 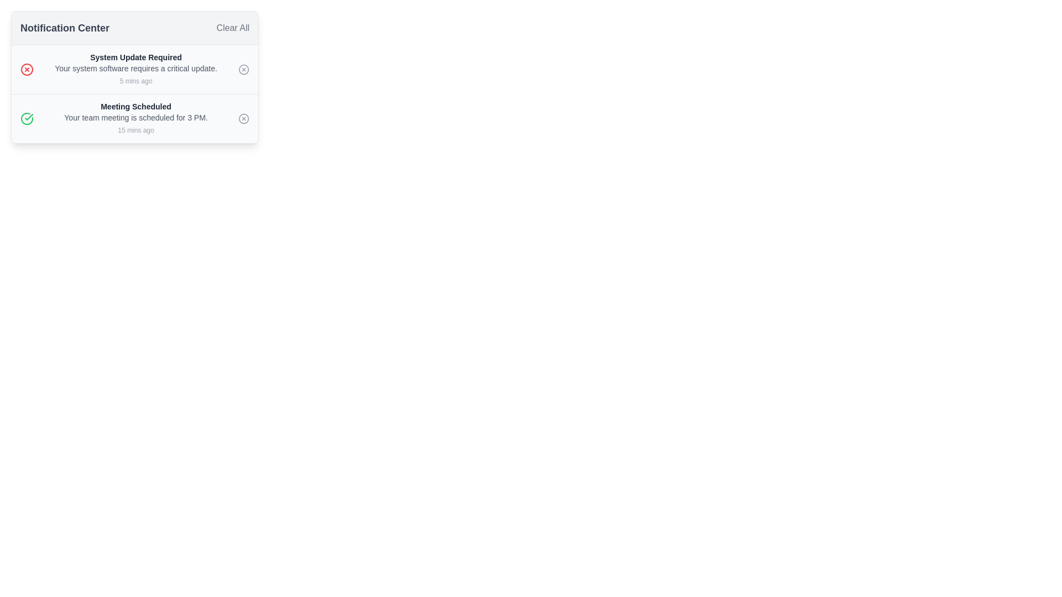 What do you see at coordinates (27, 70) in the screenshot?
I see `the alert or error icon located in the top-left section of the notification list, which is the first icon in the first notification item` at bounding box center [27, 70].